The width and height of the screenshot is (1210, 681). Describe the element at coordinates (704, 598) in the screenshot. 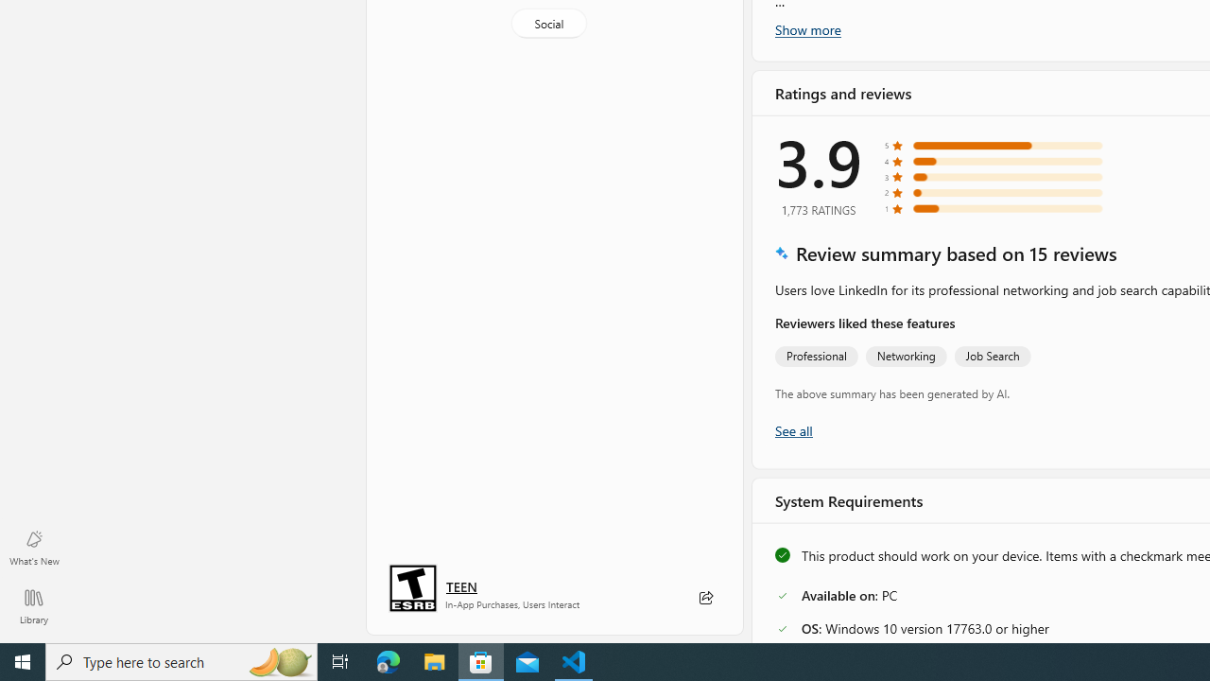

I see `'Share'` at that location.